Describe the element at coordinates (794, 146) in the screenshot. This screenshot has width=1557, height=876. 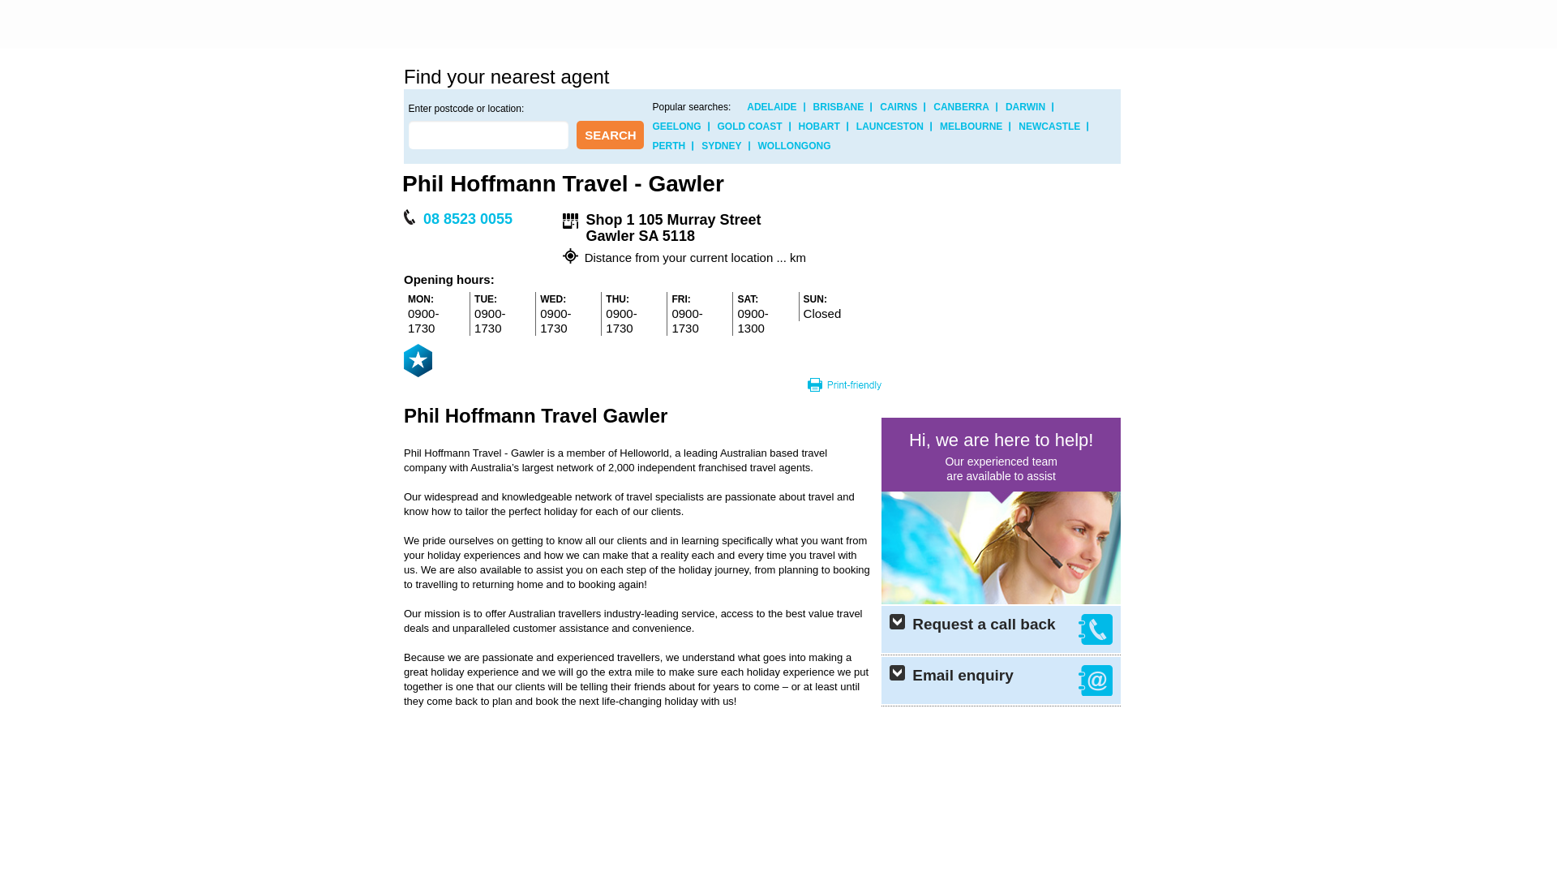
I see `'WOLLONGONG'` at that location.